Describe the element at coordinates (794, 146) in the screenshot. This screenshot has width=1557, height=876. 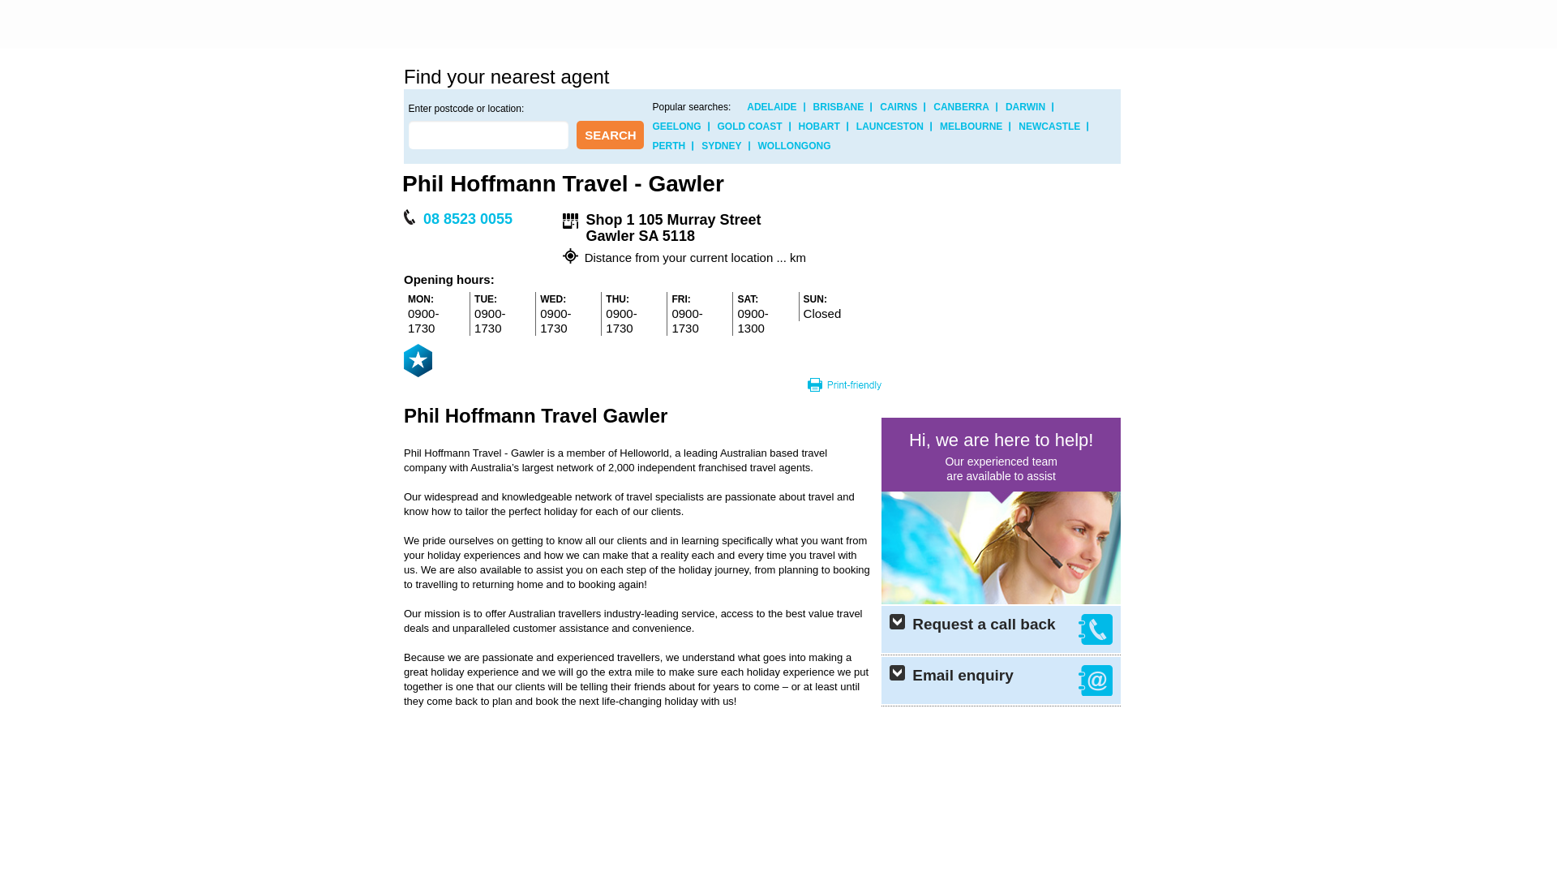
I see `'WOLLONGONG'` at that location.